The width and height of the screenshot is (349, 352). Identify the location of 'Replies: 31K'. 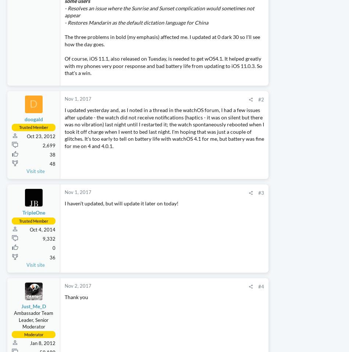
(292, 93).